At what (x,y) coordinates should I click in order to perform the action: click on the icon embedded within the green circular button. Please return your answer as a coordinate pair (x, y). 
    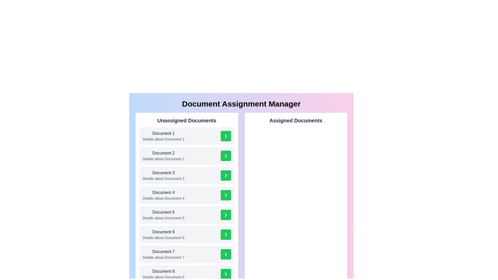
    Looking at the image, I should click on (226, 156).